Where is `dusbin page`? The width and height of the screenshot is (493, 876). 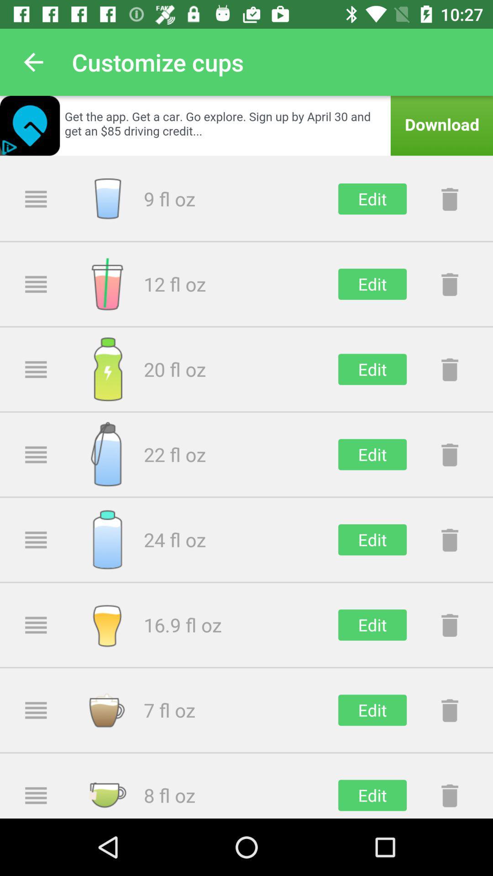 dusbin page is located at coordinates (449, 454).